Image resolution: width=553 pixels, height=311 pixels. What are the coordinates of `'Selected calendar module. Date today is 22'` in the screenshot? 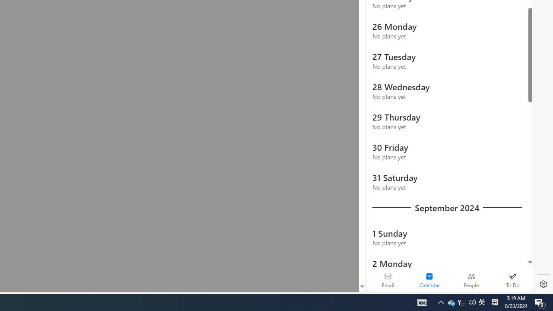 It's located at (429, 280).